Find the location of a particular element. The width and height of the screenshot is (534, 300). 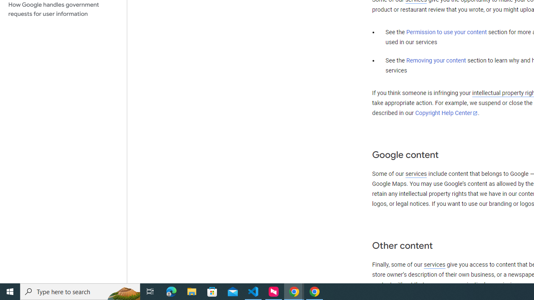

'Removing your content' is located at coordinates (436, 60).